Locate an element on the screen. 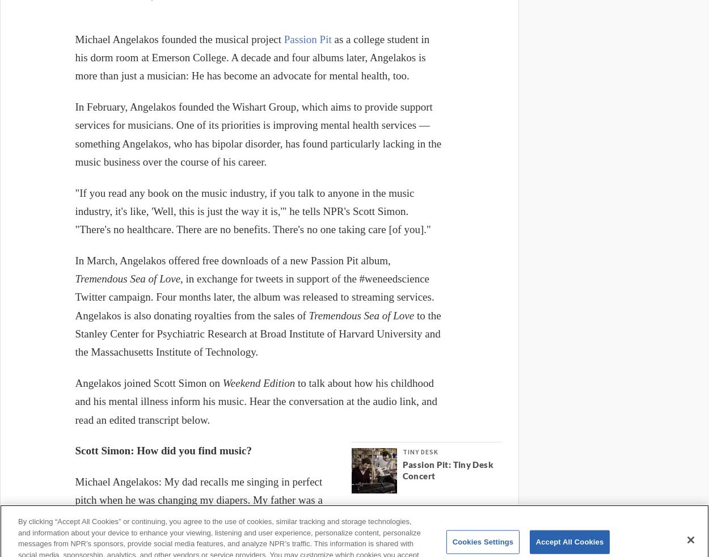 The image size is (709, 557). 'Passion Pit' is located at coordinates (307, 38).